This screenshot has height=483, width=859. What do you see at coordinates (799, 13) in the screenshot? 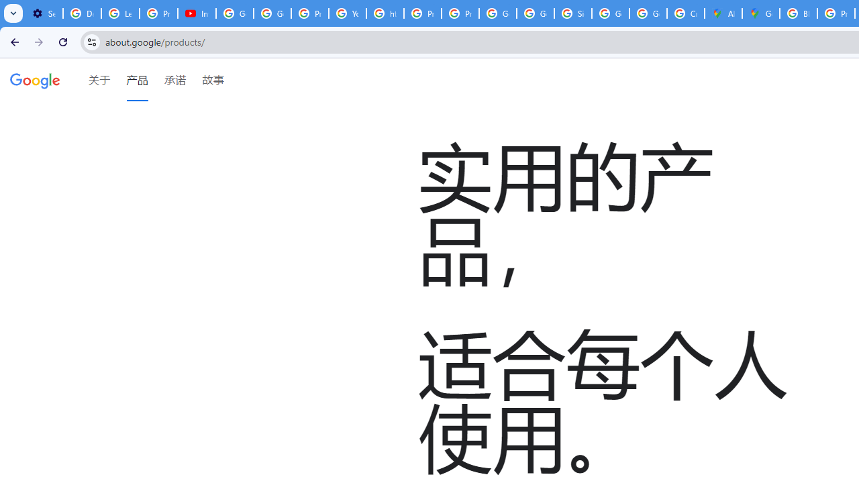
I see `'Blogger Policies and Guidelines - Transparency Center'` at bounding box center [799, 13].